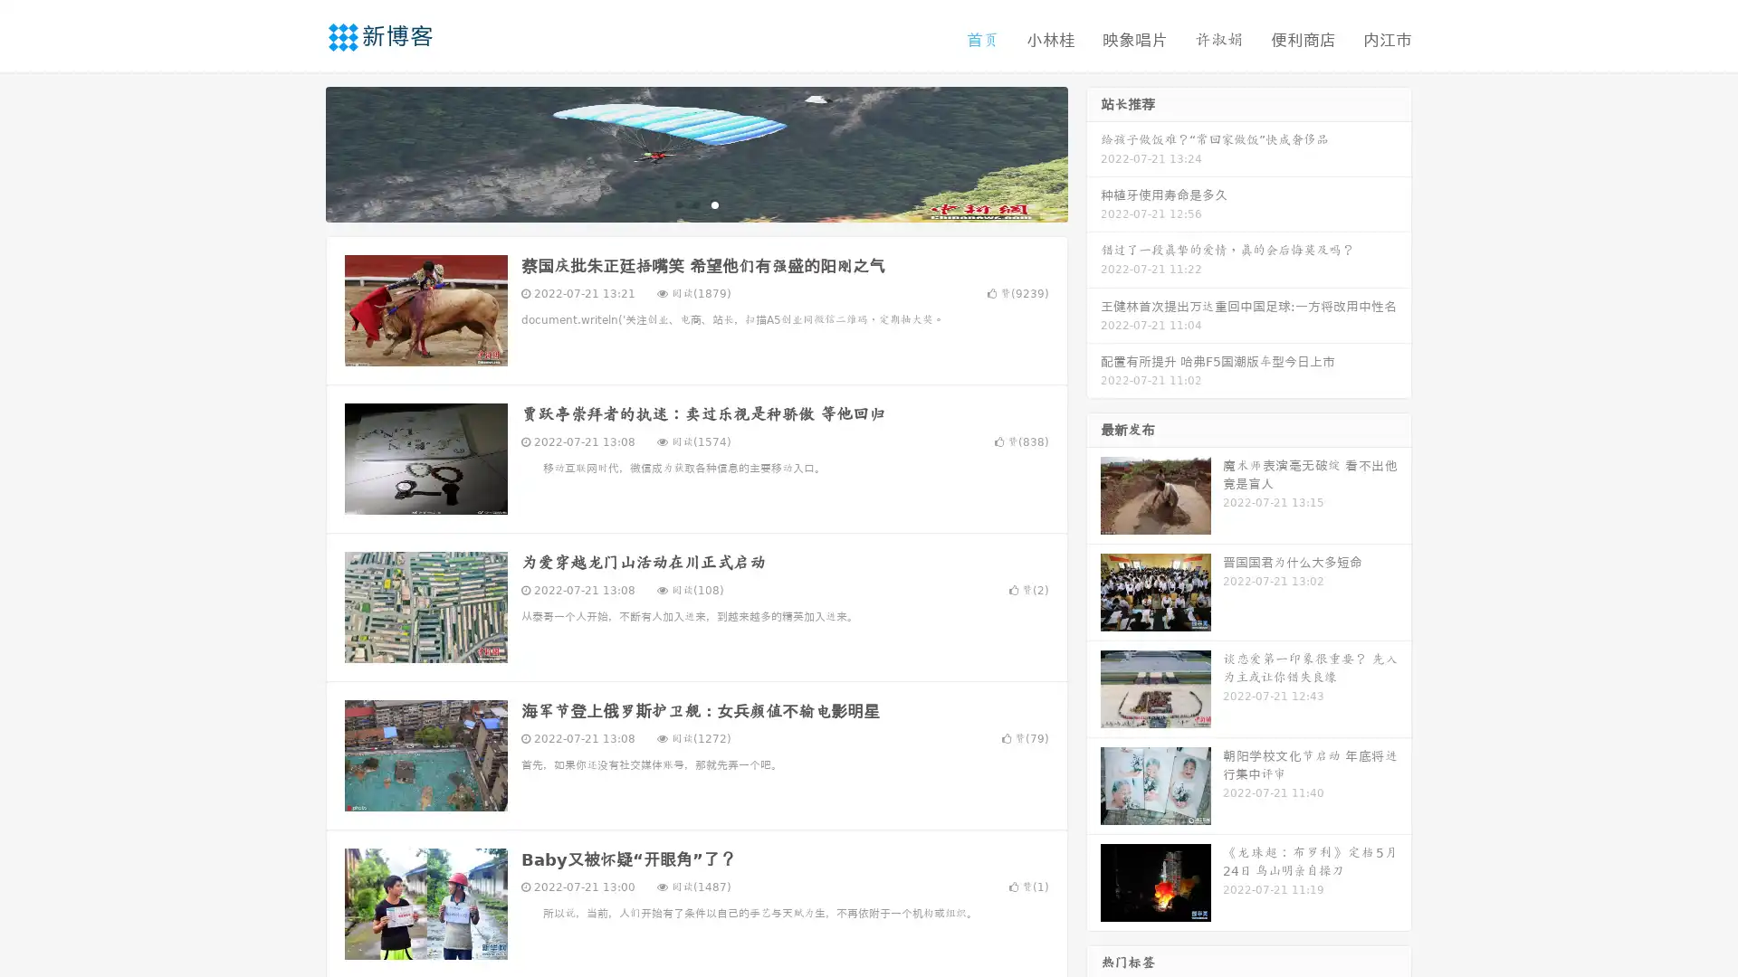 The height and width of the screenshot is (977, 1738). Describe the element at coordinates (714, 204) in the screenshot. I see `Go to slide 3` at that location.